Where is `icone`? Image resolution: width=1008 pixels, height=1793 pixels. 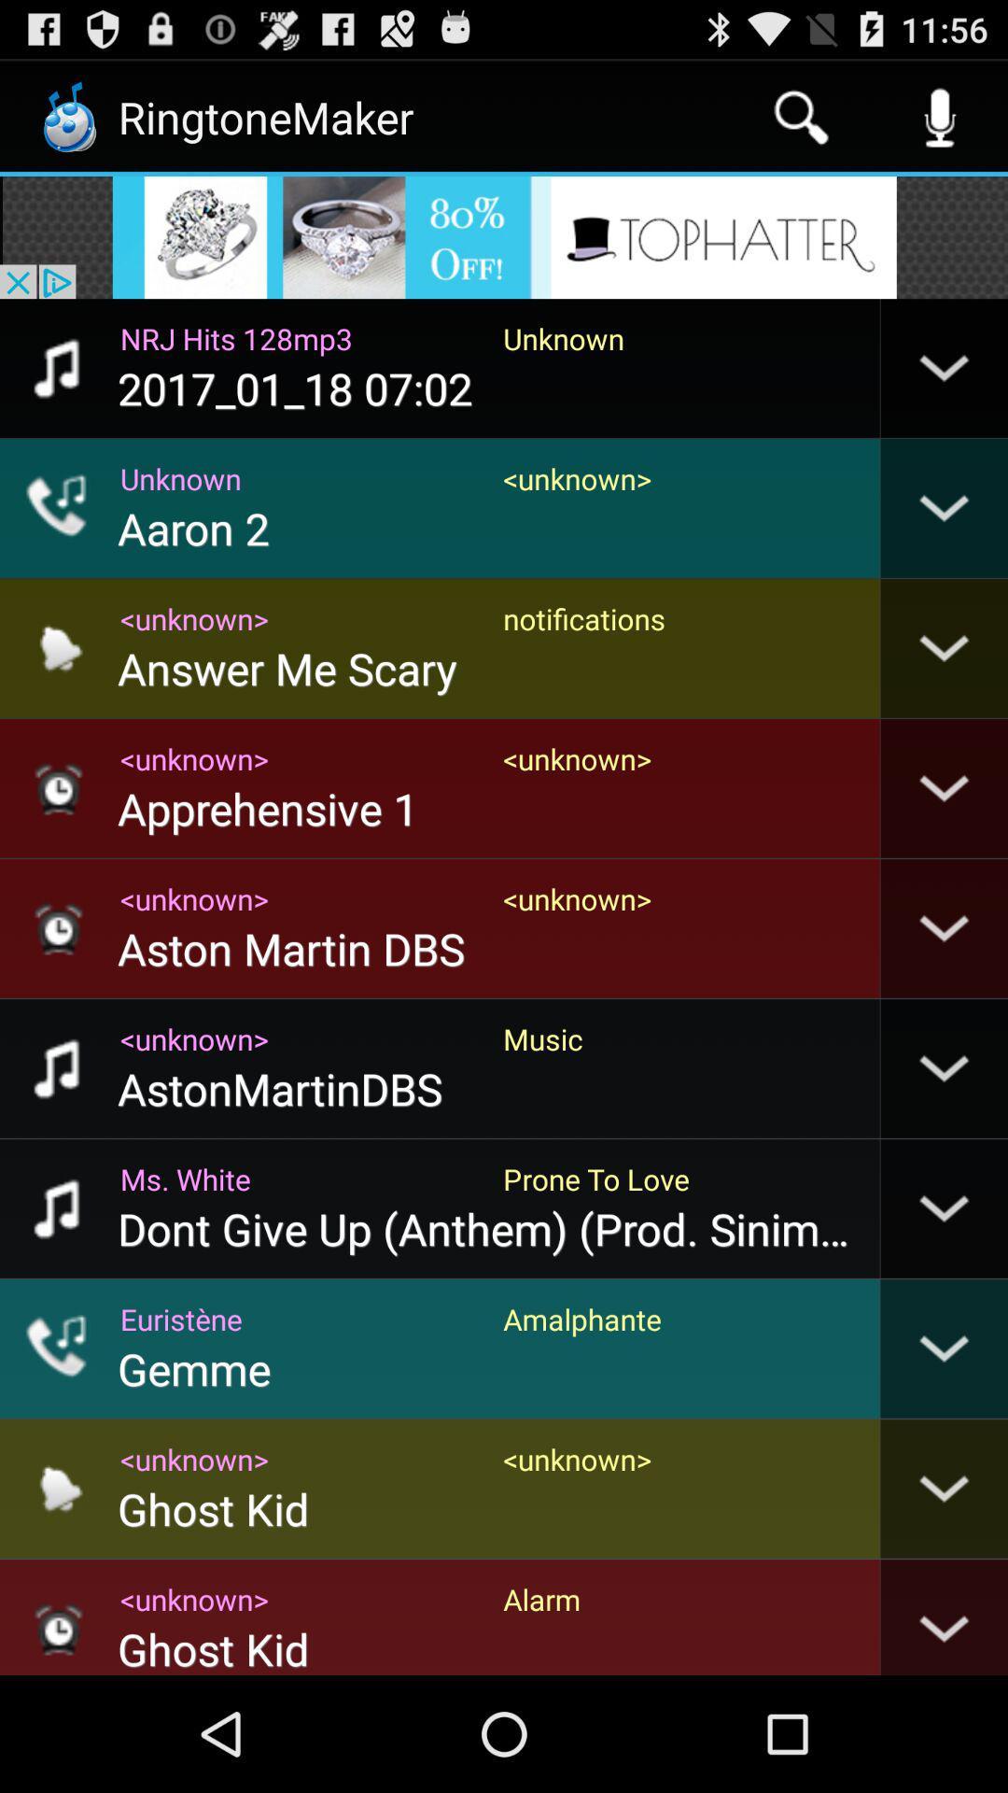 icone is located at coordinates (504, 236).